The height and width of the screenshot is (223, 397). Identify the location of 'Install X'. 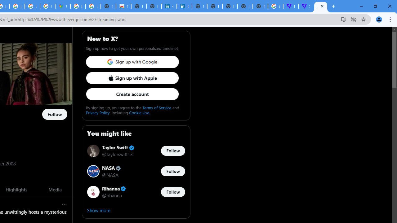
(343, 19).